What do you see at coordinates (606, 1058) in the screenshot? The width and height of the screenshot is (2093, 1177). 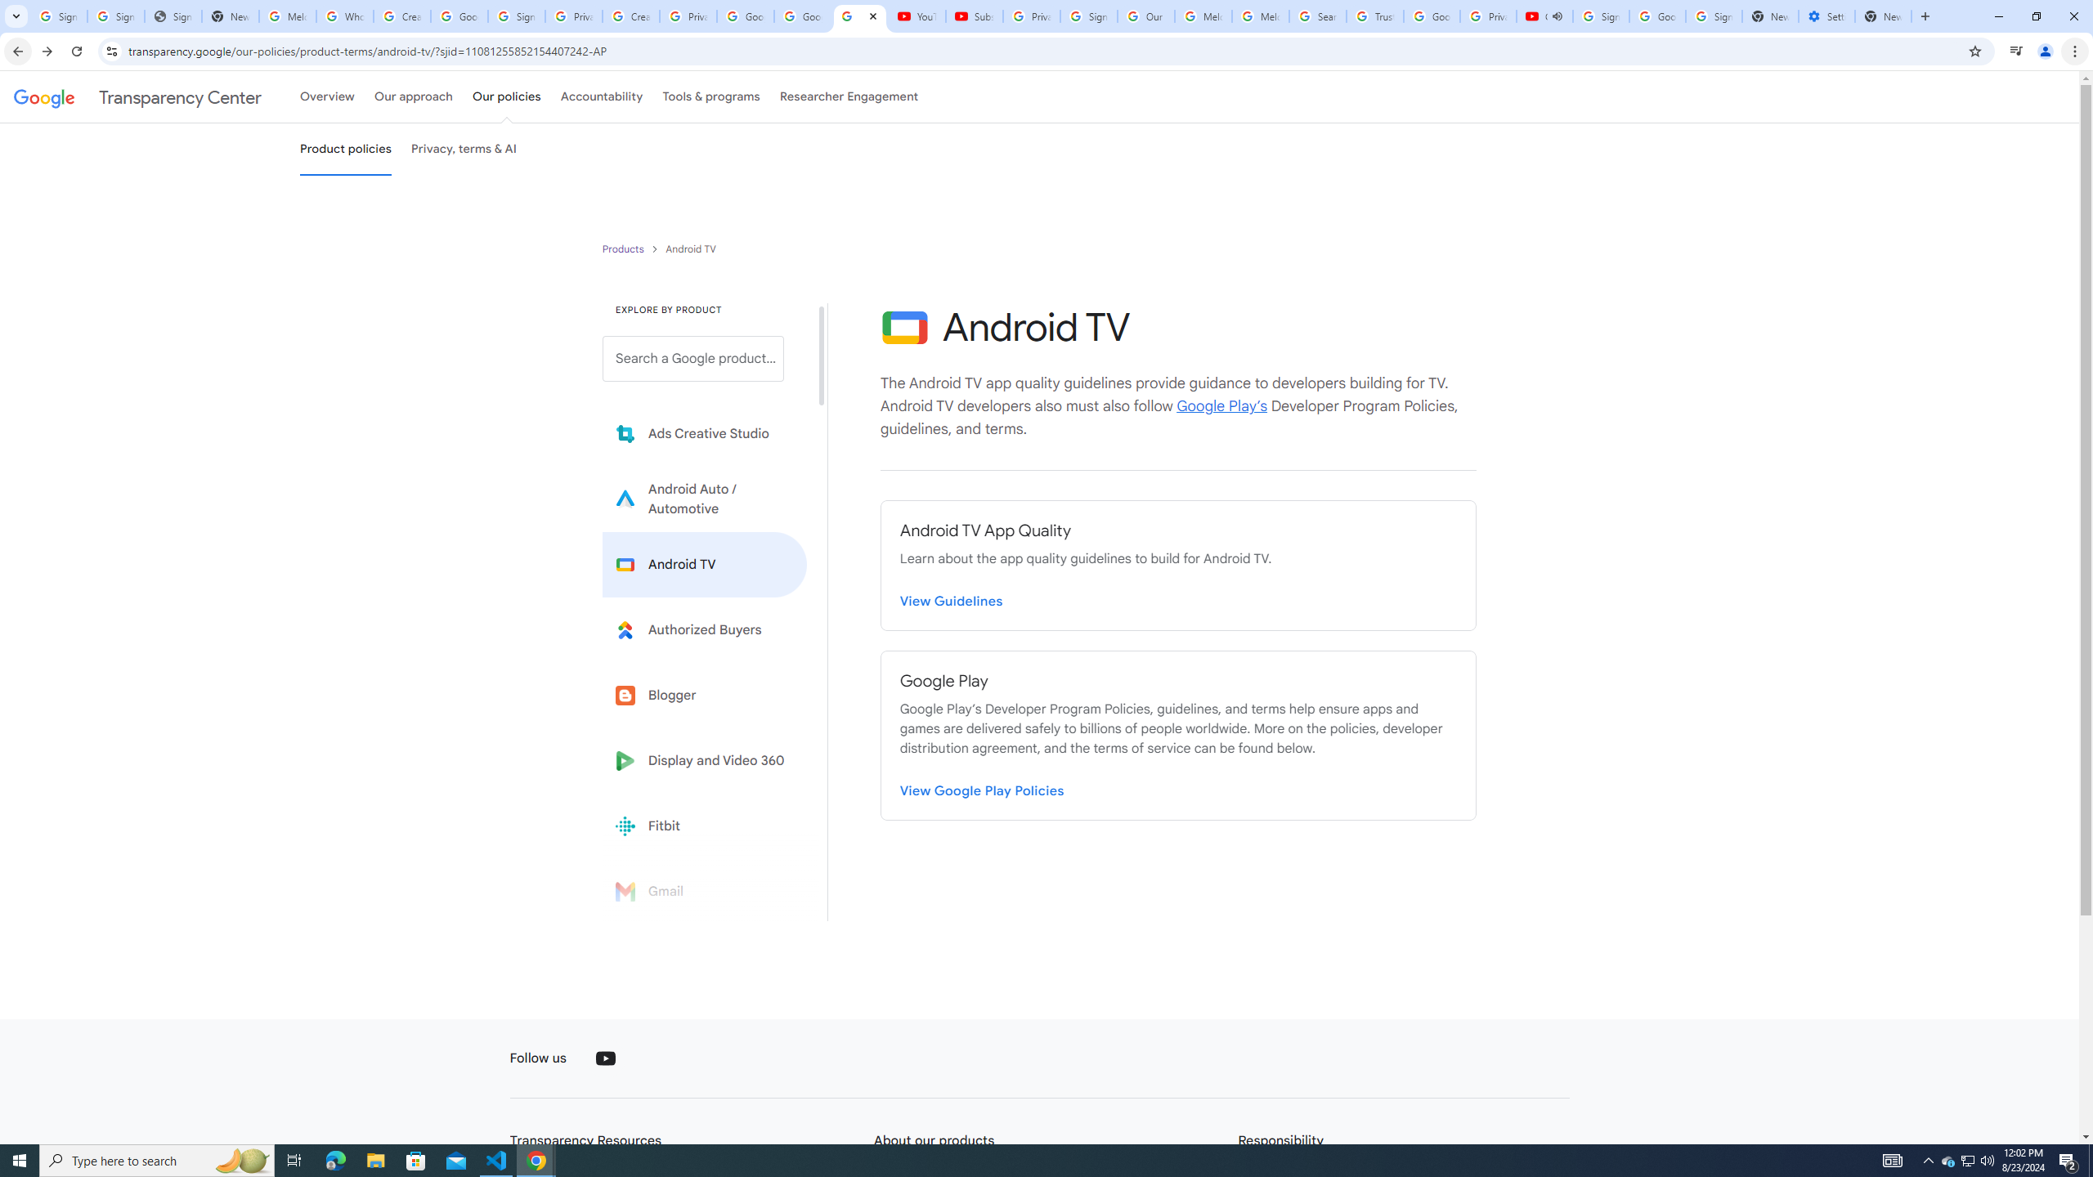 I see `'YouTube'` at bounding box center [606, 1058].